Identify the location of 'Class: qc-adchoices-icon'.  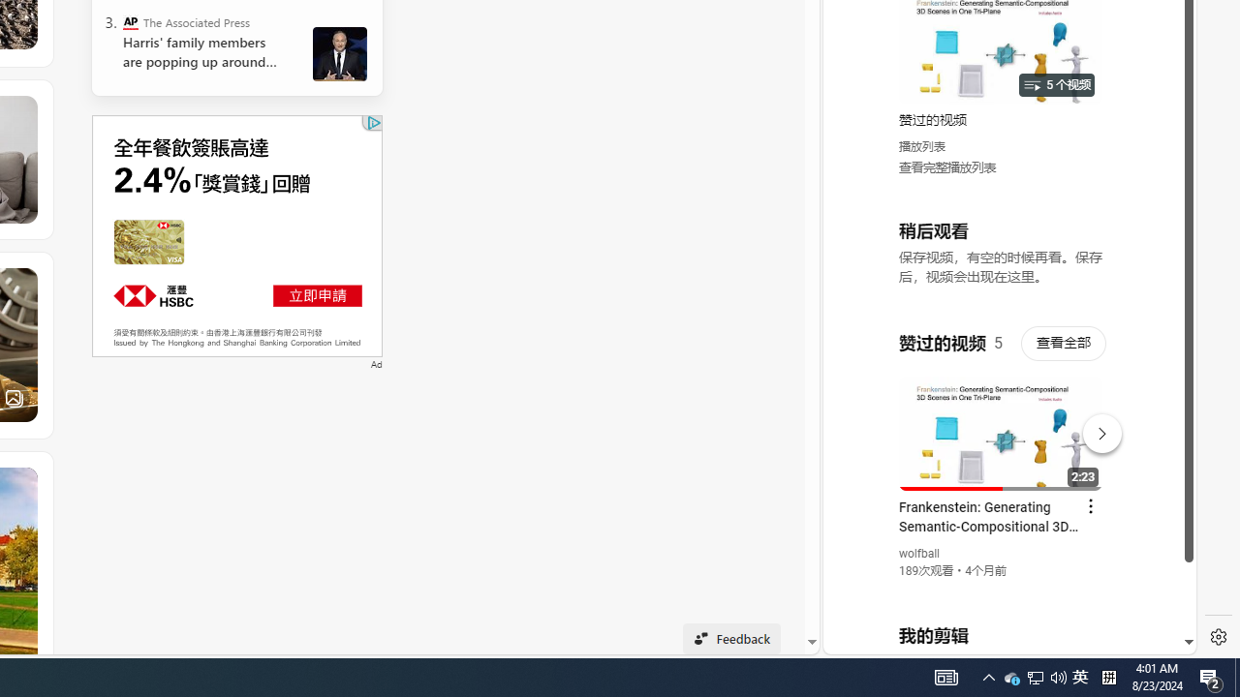
(374, 123).